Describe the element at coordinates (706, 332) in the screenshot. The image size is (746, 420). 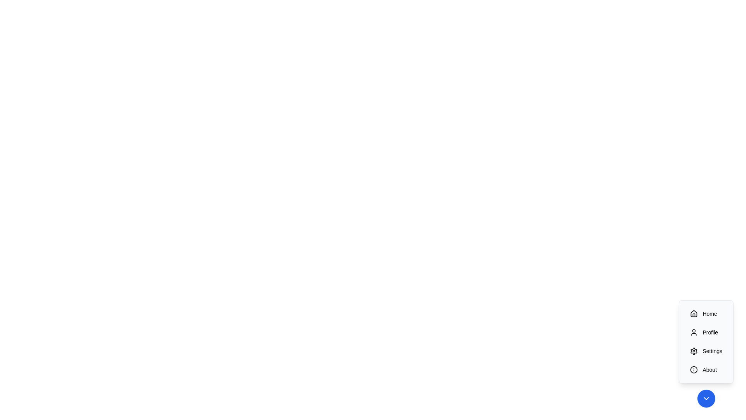
I see `the 'Profile' button` at that location.